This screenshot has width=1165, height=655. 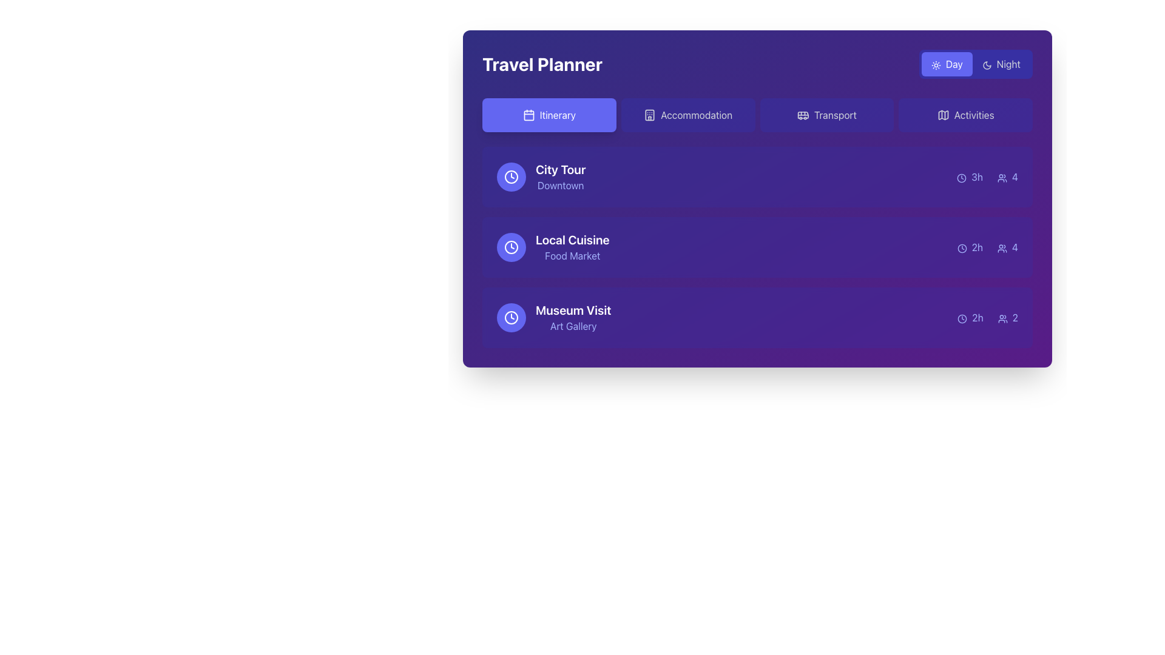 I want to click on the map icon located within the 'Activities' menu option, so click(x=942, y=115).